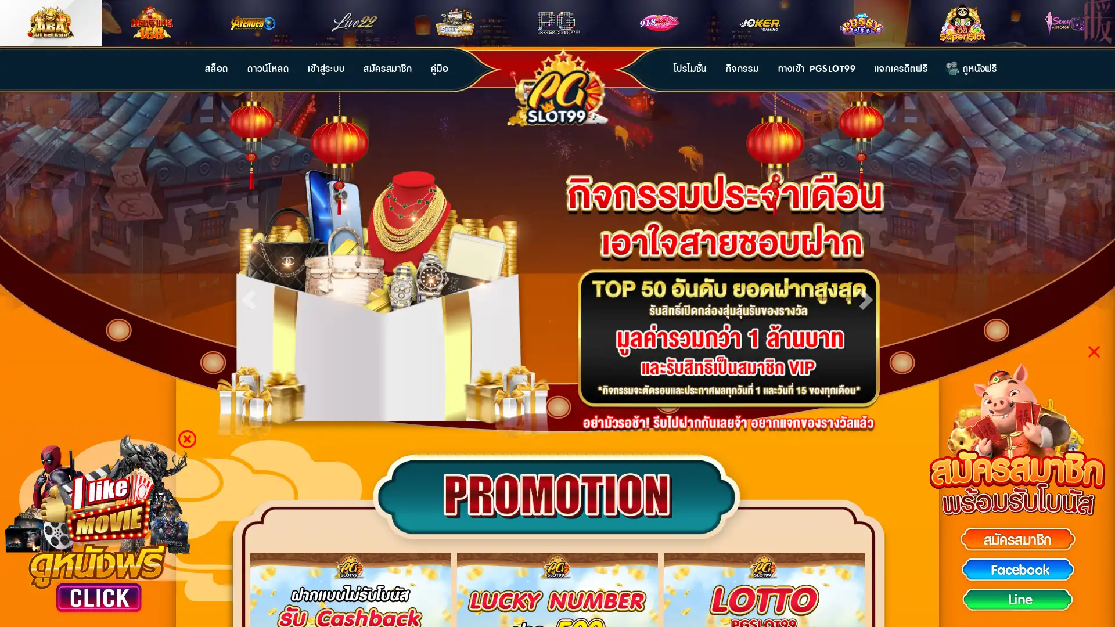 Image resolution: width=1115 pixels, height=627 pixels. Describe the element at coordinates (866, 297) in the screenshot. I see `Next` at that location.